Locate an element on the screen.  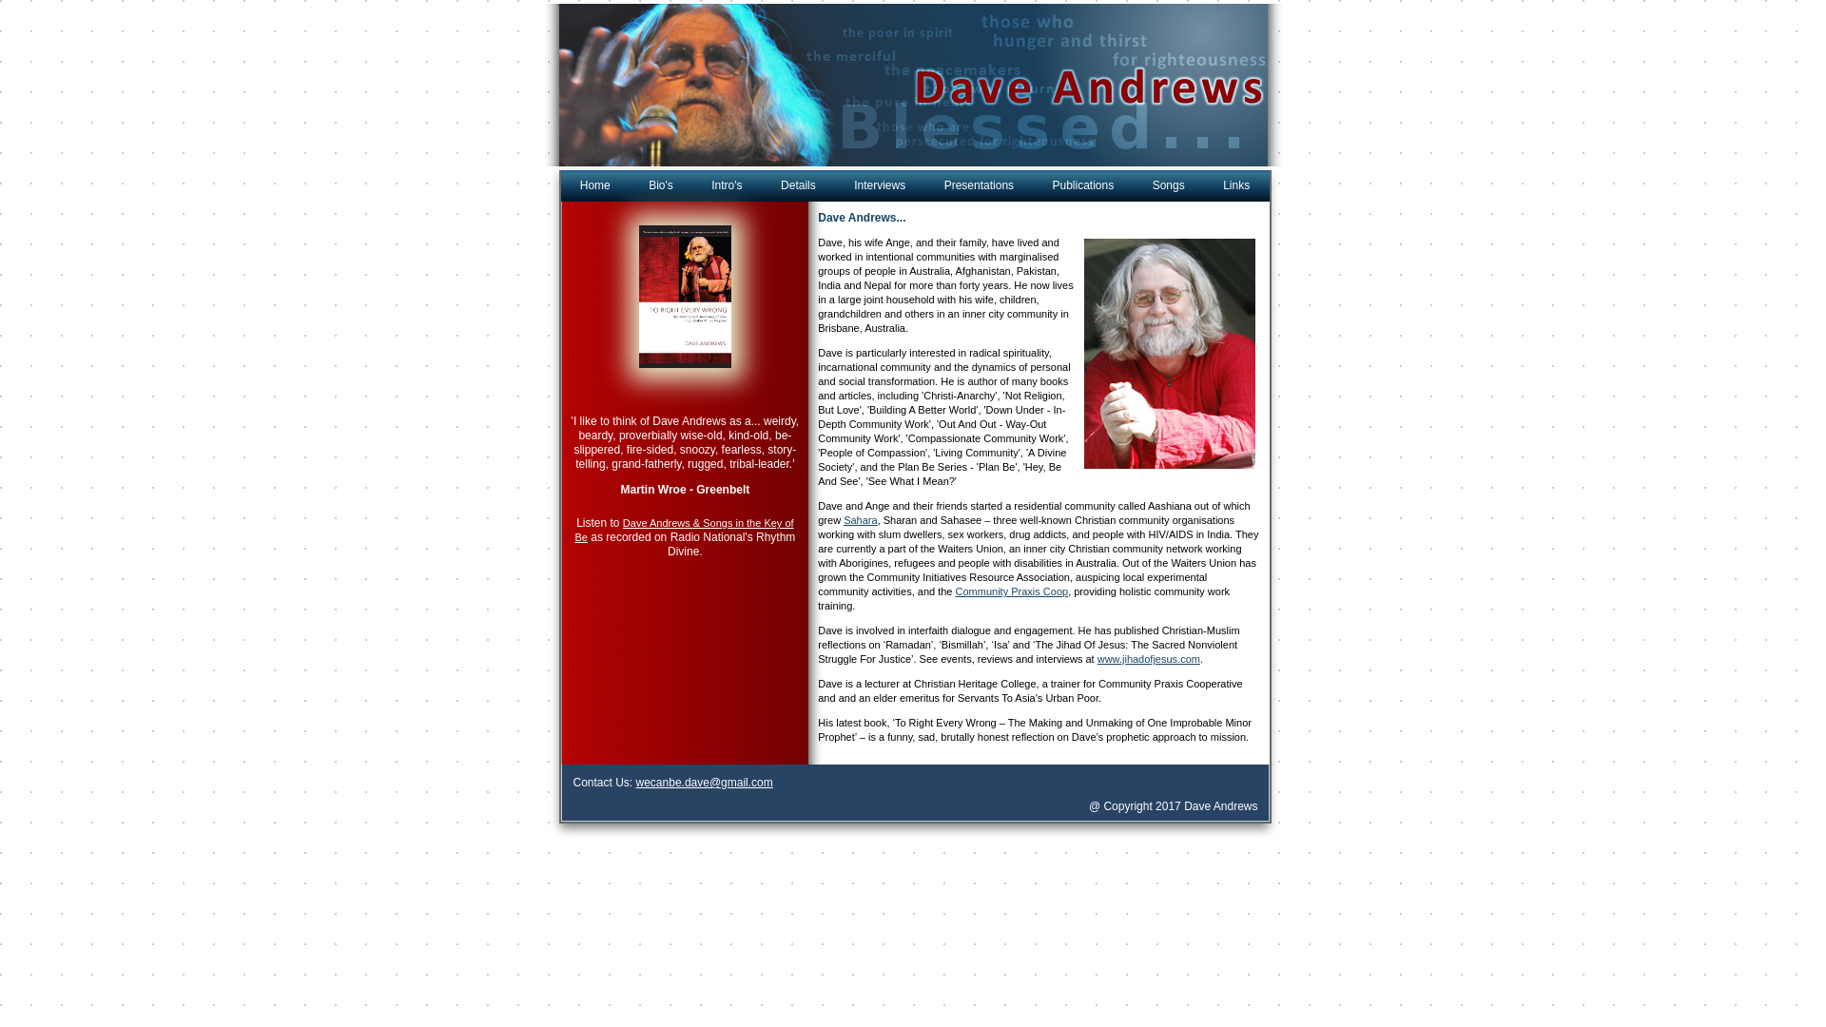
'Songs' is located at coordinates (1167, 185).